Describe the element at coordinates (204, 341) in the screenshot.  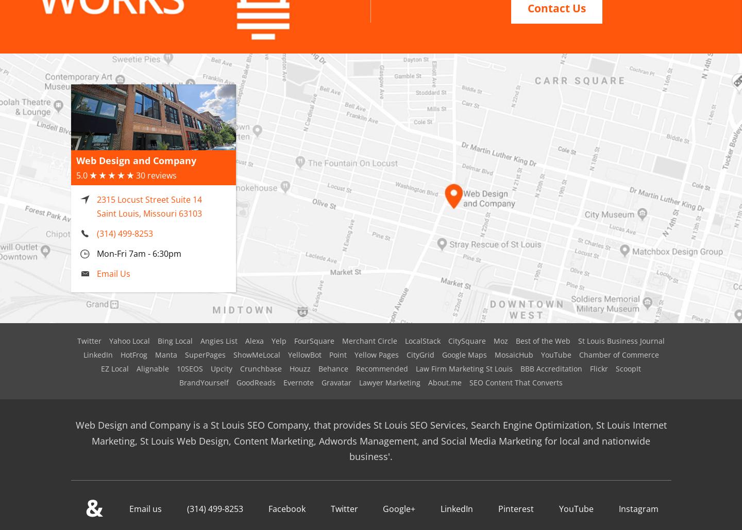
I see `'SuperPages'` at that location.